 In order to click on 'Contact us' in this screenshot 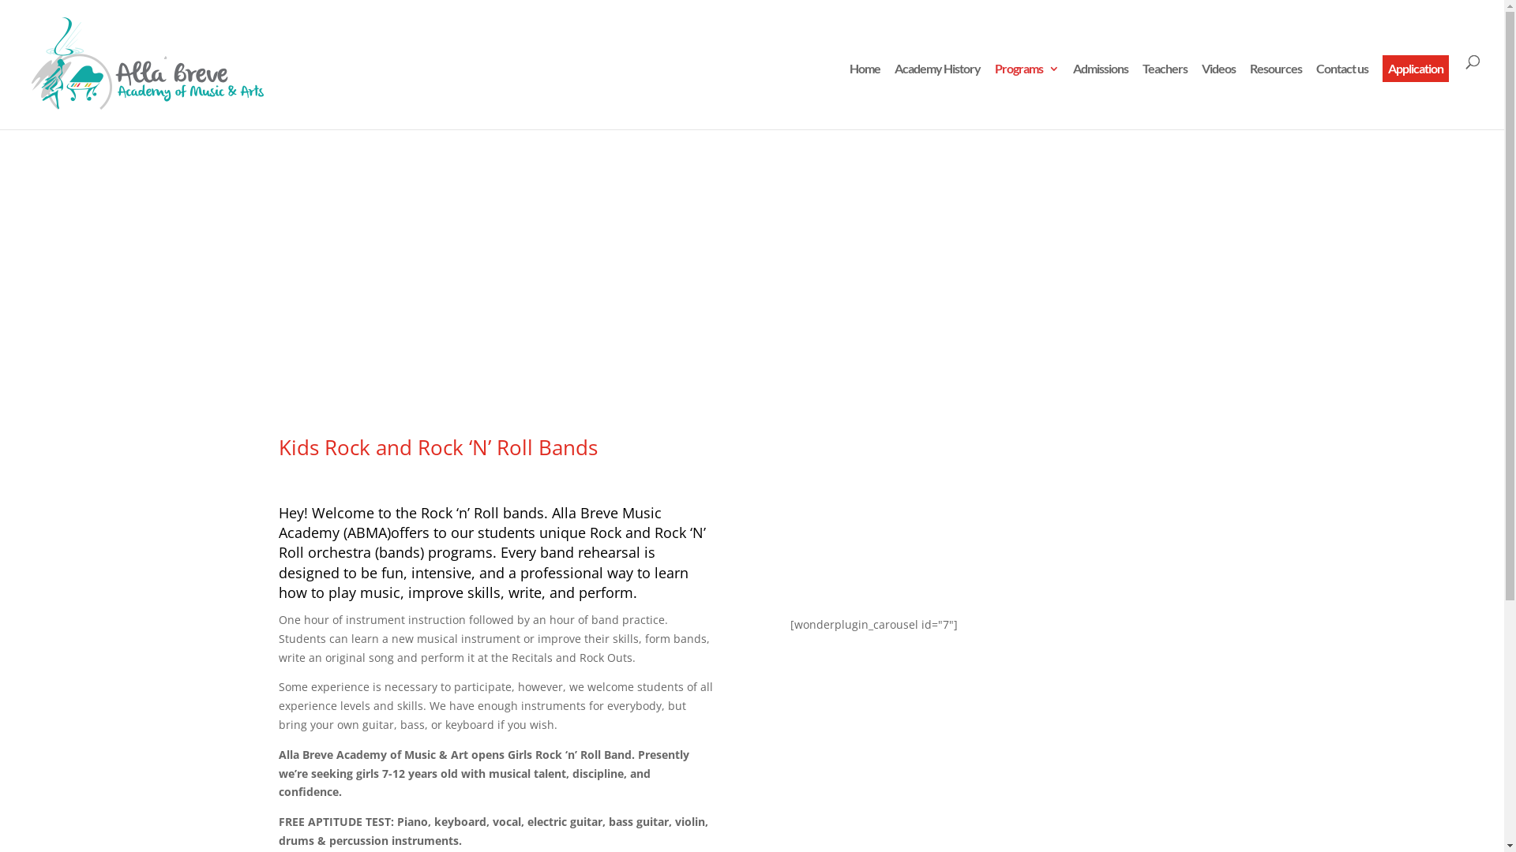, I will do `click(1341, 96)`.